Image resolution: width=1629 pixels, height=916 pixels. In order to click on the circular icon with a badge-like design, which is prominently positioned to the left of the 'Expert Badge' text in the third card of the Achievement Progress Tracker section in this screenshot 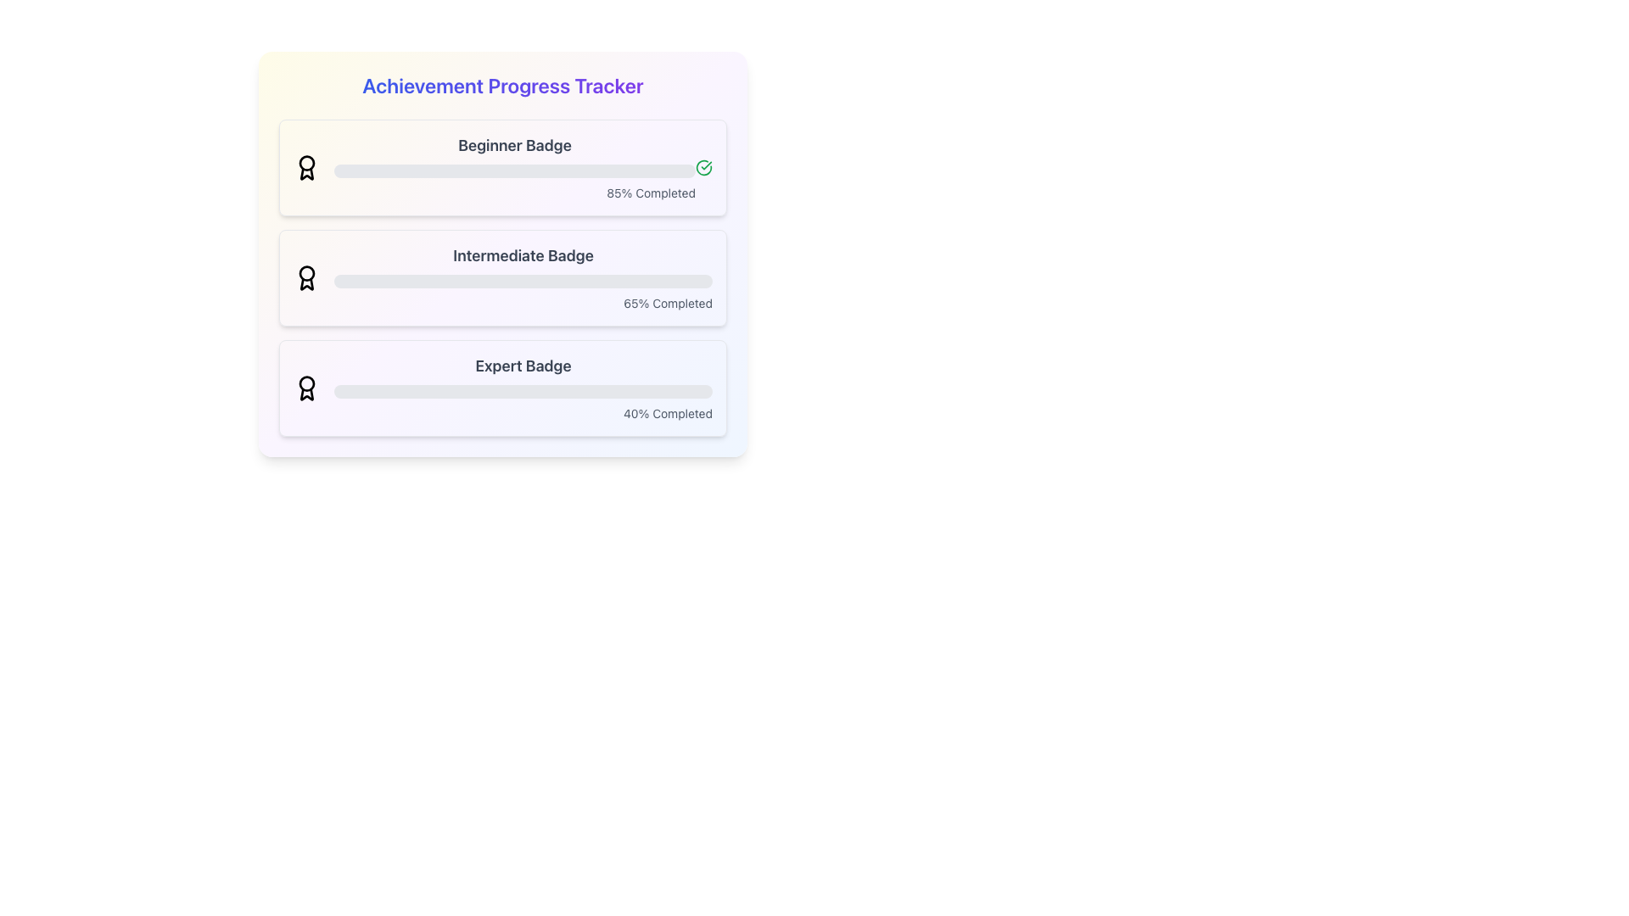, I will do `click(306, 388)`.